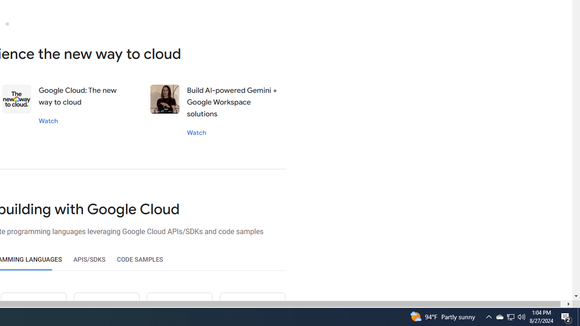  What do you see at coordinates (165, 99) in the screenshot?
I see `'Stephanie wong'` at bounding box center [165, 99].